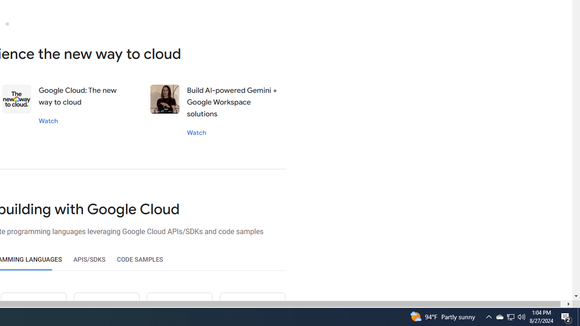  What do you see at coordinates (165, 99) in the screenshot?
I see `'Stephanie wong'` at bounding box center [165, 99].